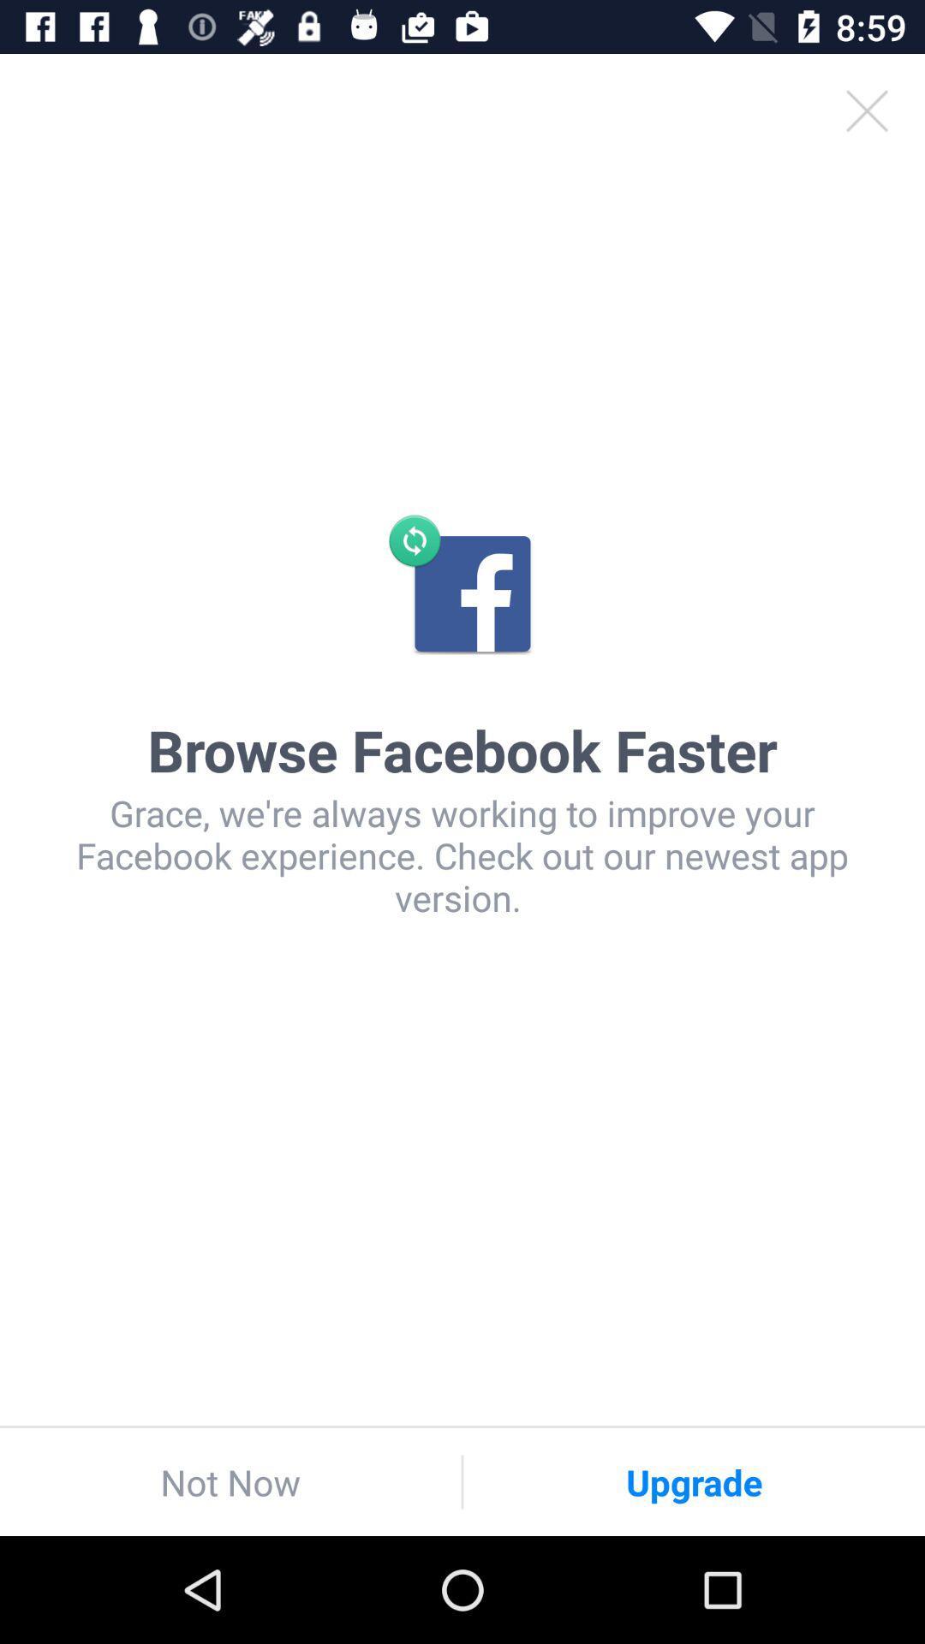 The height and width of the screenshot is (1644, 925). I want to click on the not now, so click(230, 1481).